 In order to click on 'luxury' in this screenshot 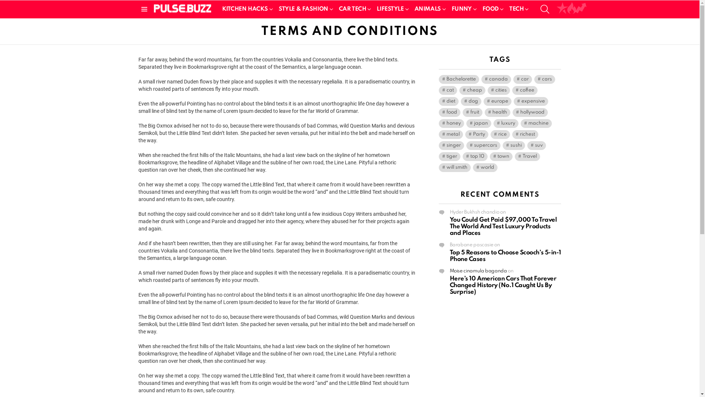, I will do `click(505, 123)`.